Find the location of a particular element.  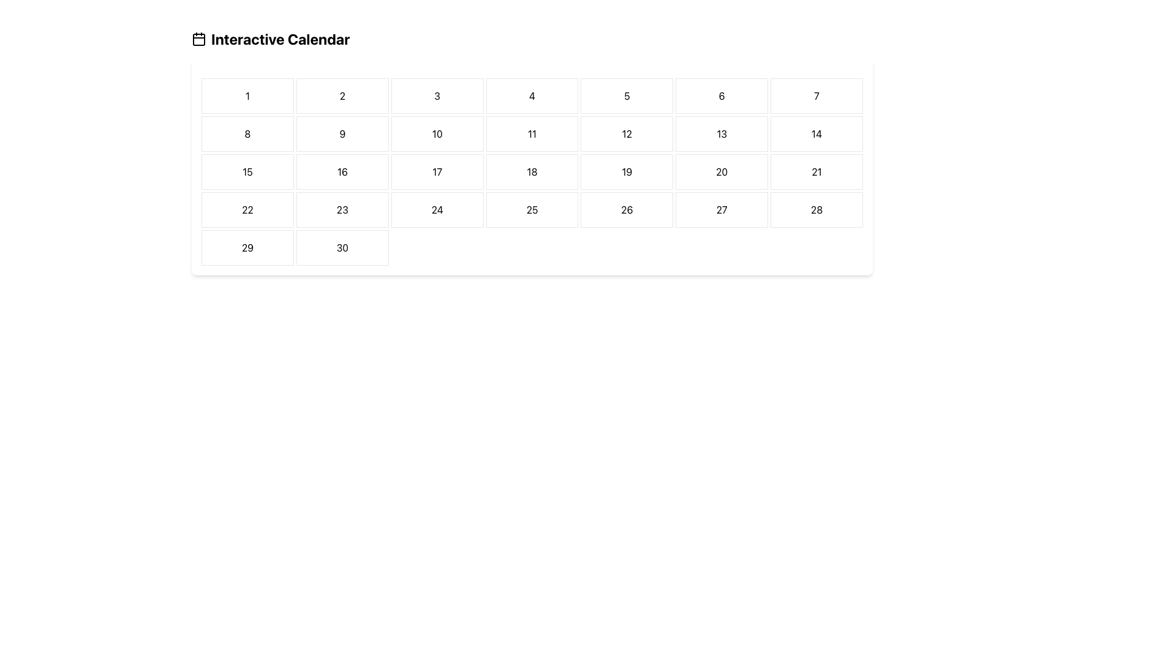

the rectangular text box containing the text '29' located in the last row of a 7-column grid, specifically in the first column of that row is located at coordinates (247, 248).